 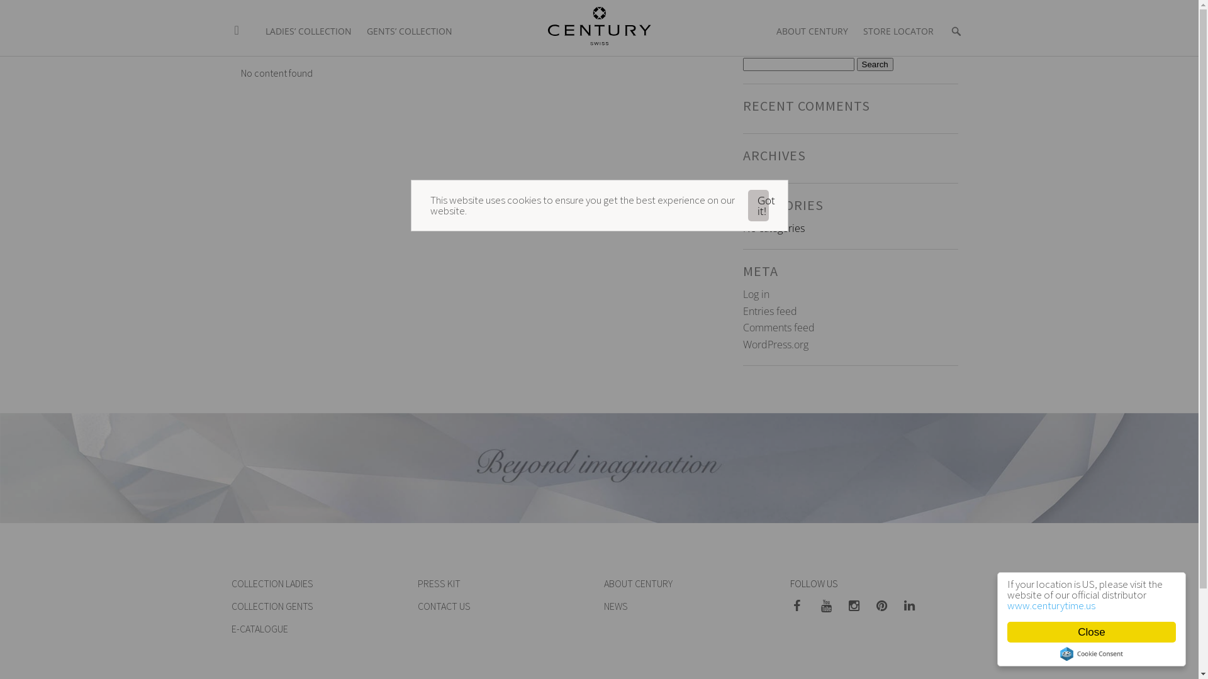 I want to click on 'NEWS', so click(x=616, y=605).